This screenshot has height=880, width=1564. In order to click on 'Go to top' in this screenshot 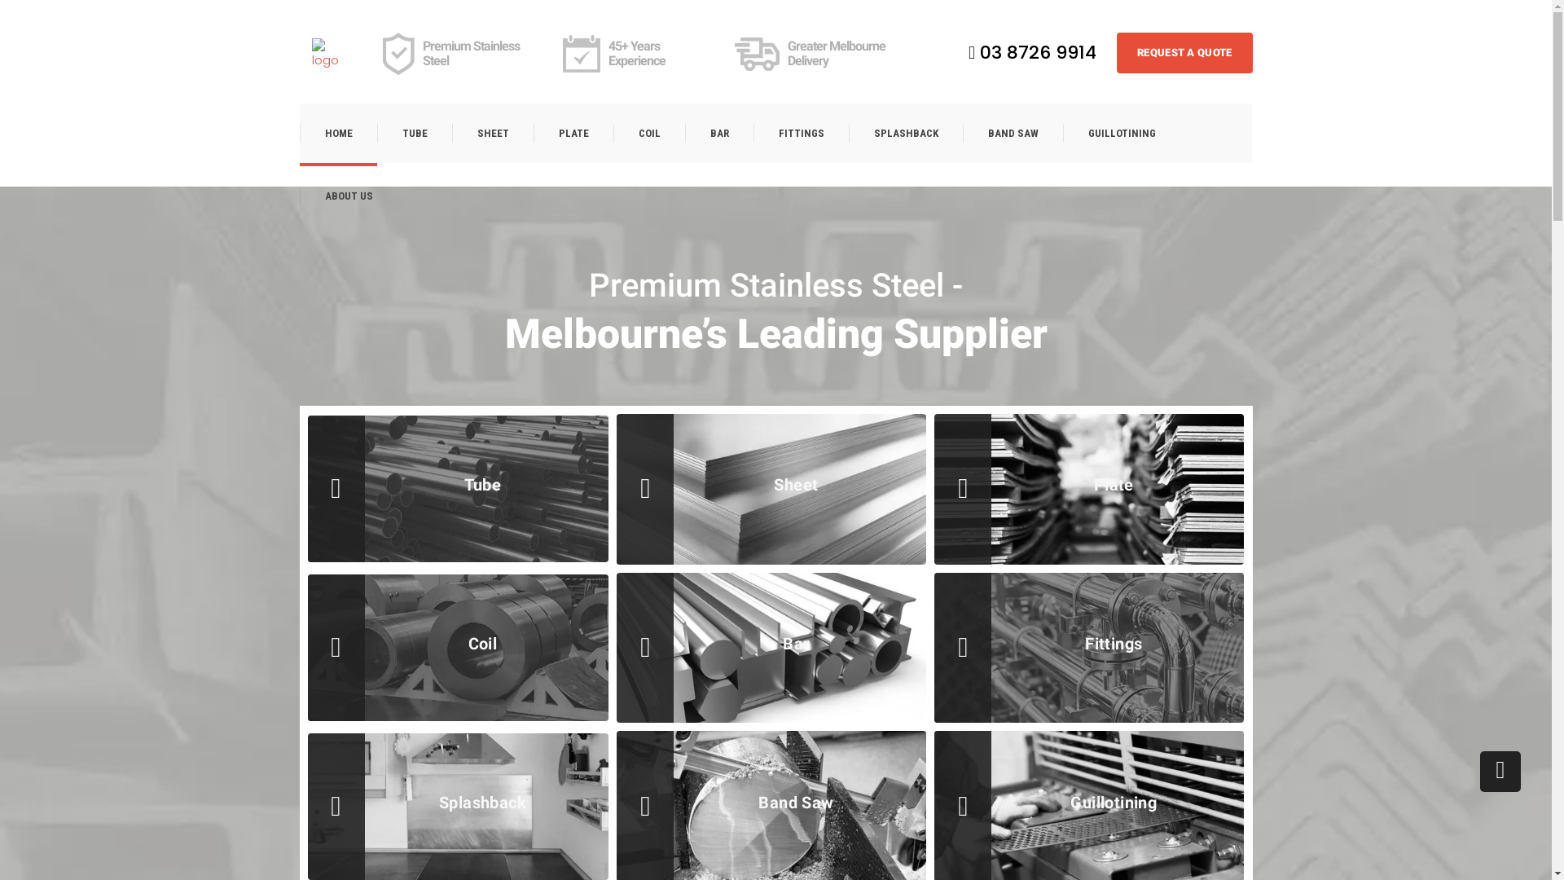, I will do `click(1500, 771)`.